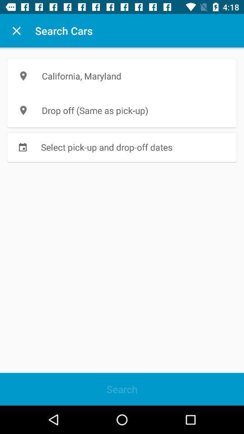  Describe the element at coordinates (16, 31) in the screenshot. I see `icon next to search cars icon` at that location.